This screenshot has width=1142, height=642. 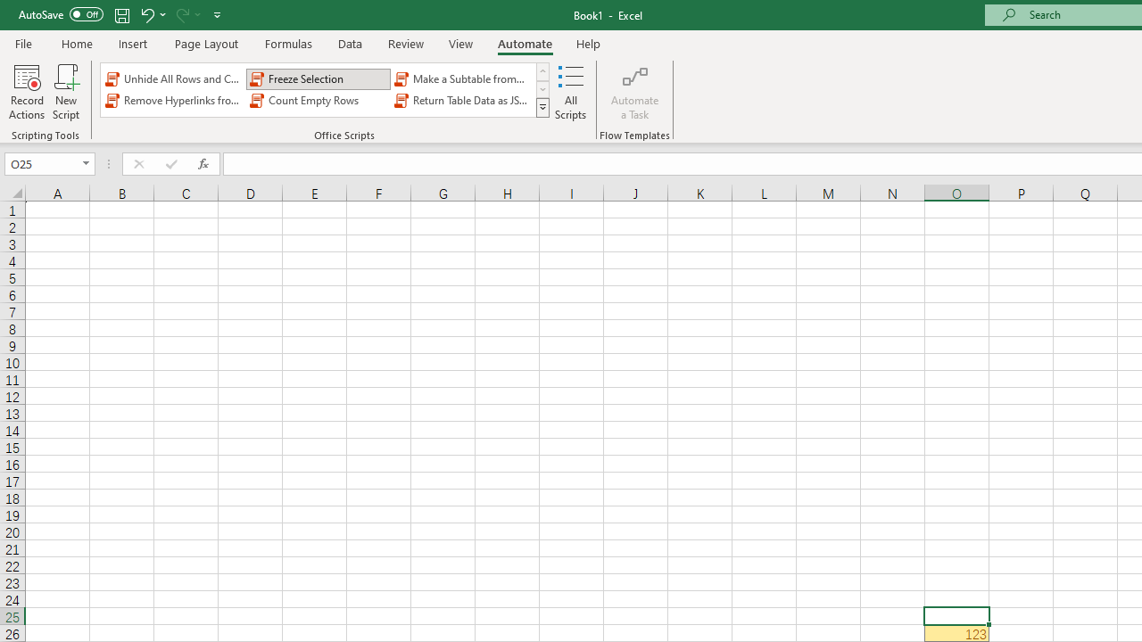 I want to click on 'Row Down', so click(x=542, y=89).